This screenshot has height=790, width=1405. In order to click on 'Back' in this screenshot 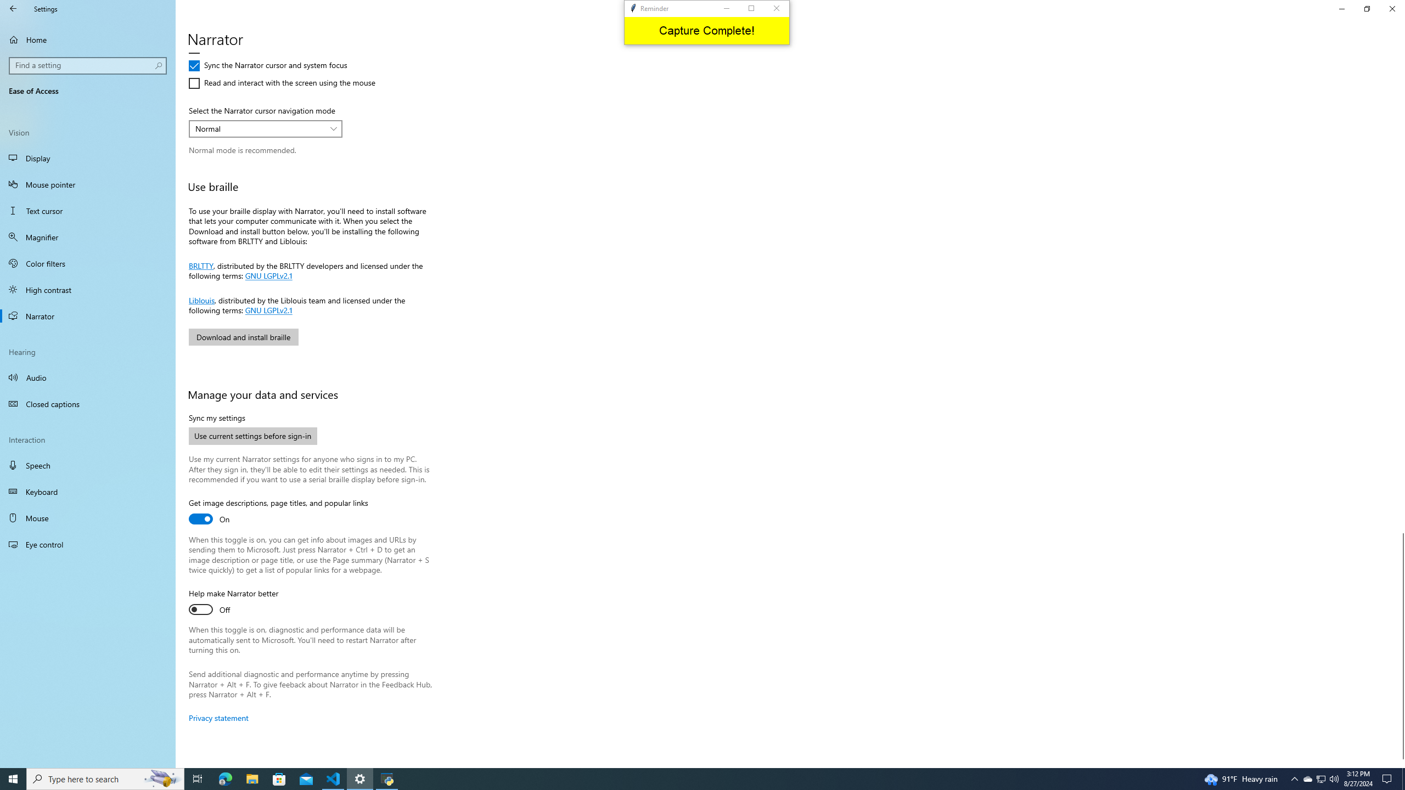, I will do `click(13, 8)`.